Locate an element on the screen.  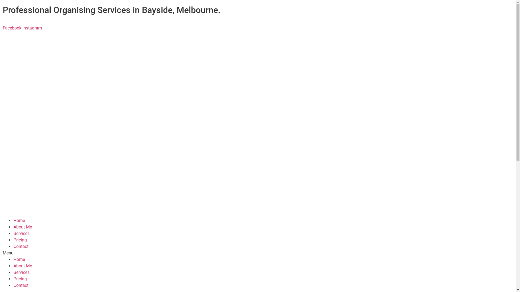
'Instagram' is located at coordinates (22, 28).